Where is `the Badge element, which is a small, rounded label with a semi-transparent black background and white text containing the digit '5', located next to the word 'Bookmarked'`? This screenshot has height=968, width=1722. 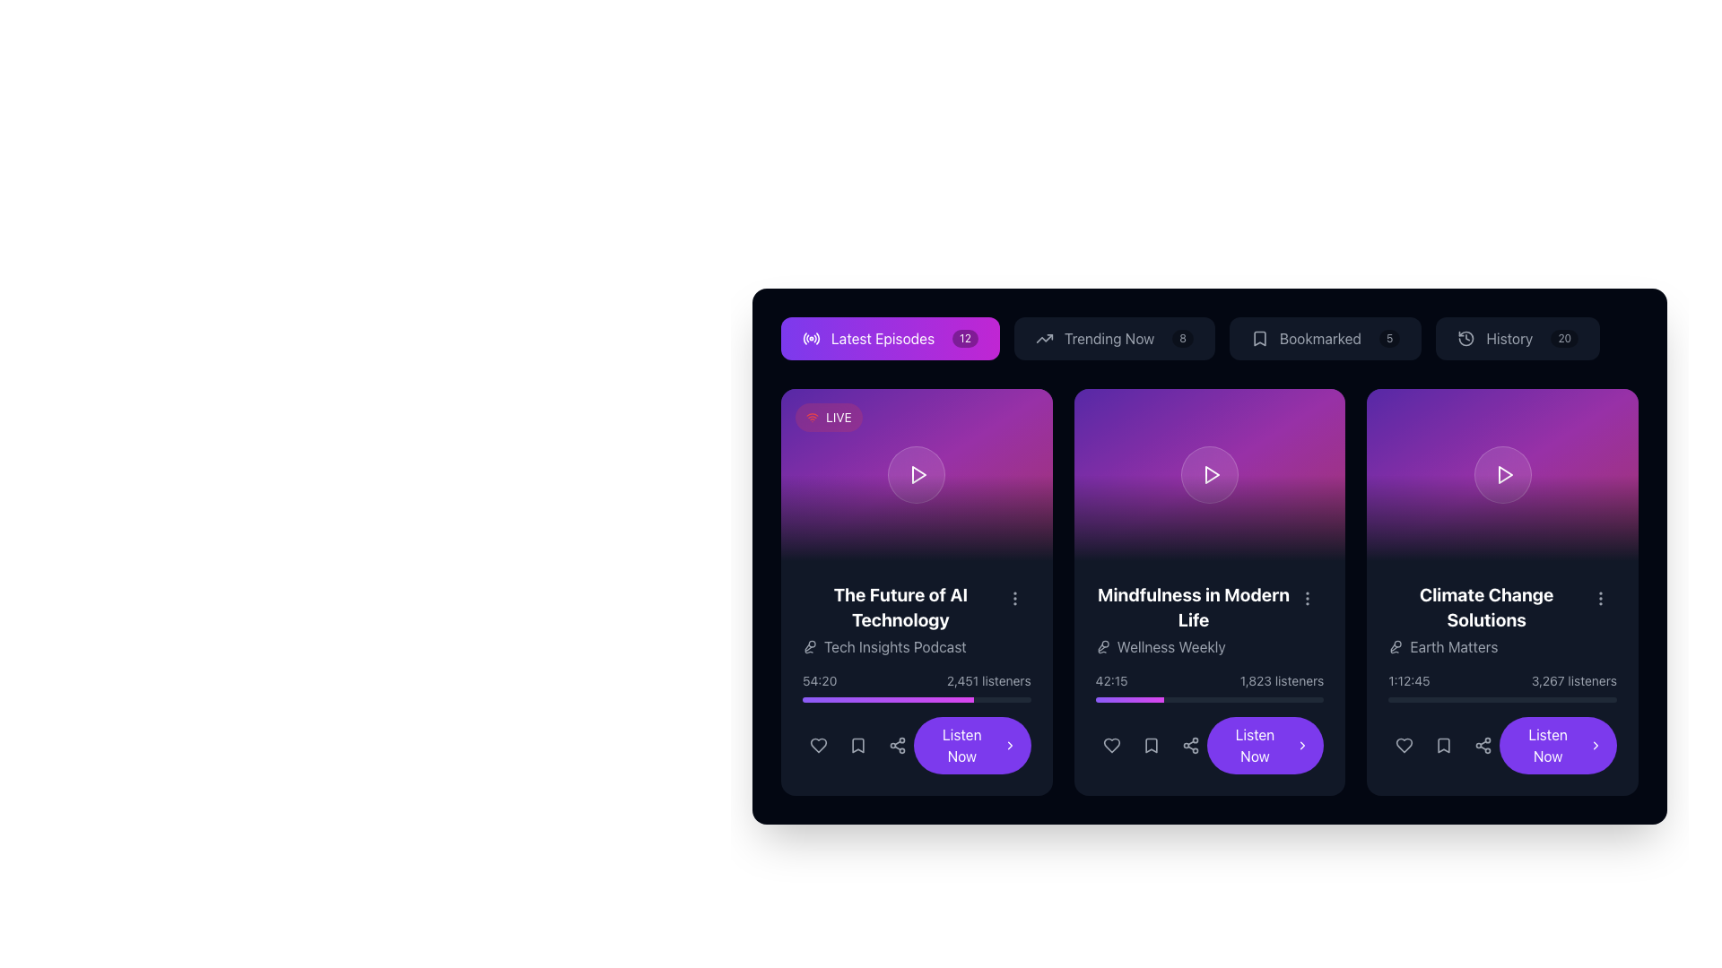
the Badge element, which is a small, rounded label with a semi-transparent black background and white text containing the digit '5', located next to the word 'Bookmarked' is located at coordinates (1388, 339).